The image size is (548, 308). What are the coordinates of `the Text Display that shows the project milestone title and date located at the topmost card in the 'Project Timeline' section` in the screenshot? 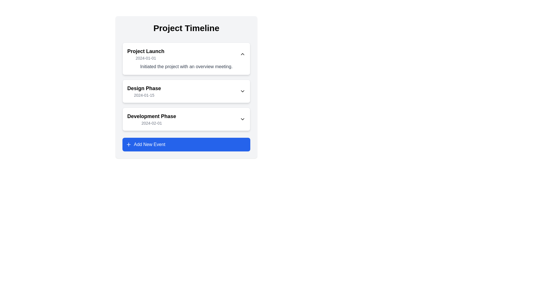 It's located at (146, 54).